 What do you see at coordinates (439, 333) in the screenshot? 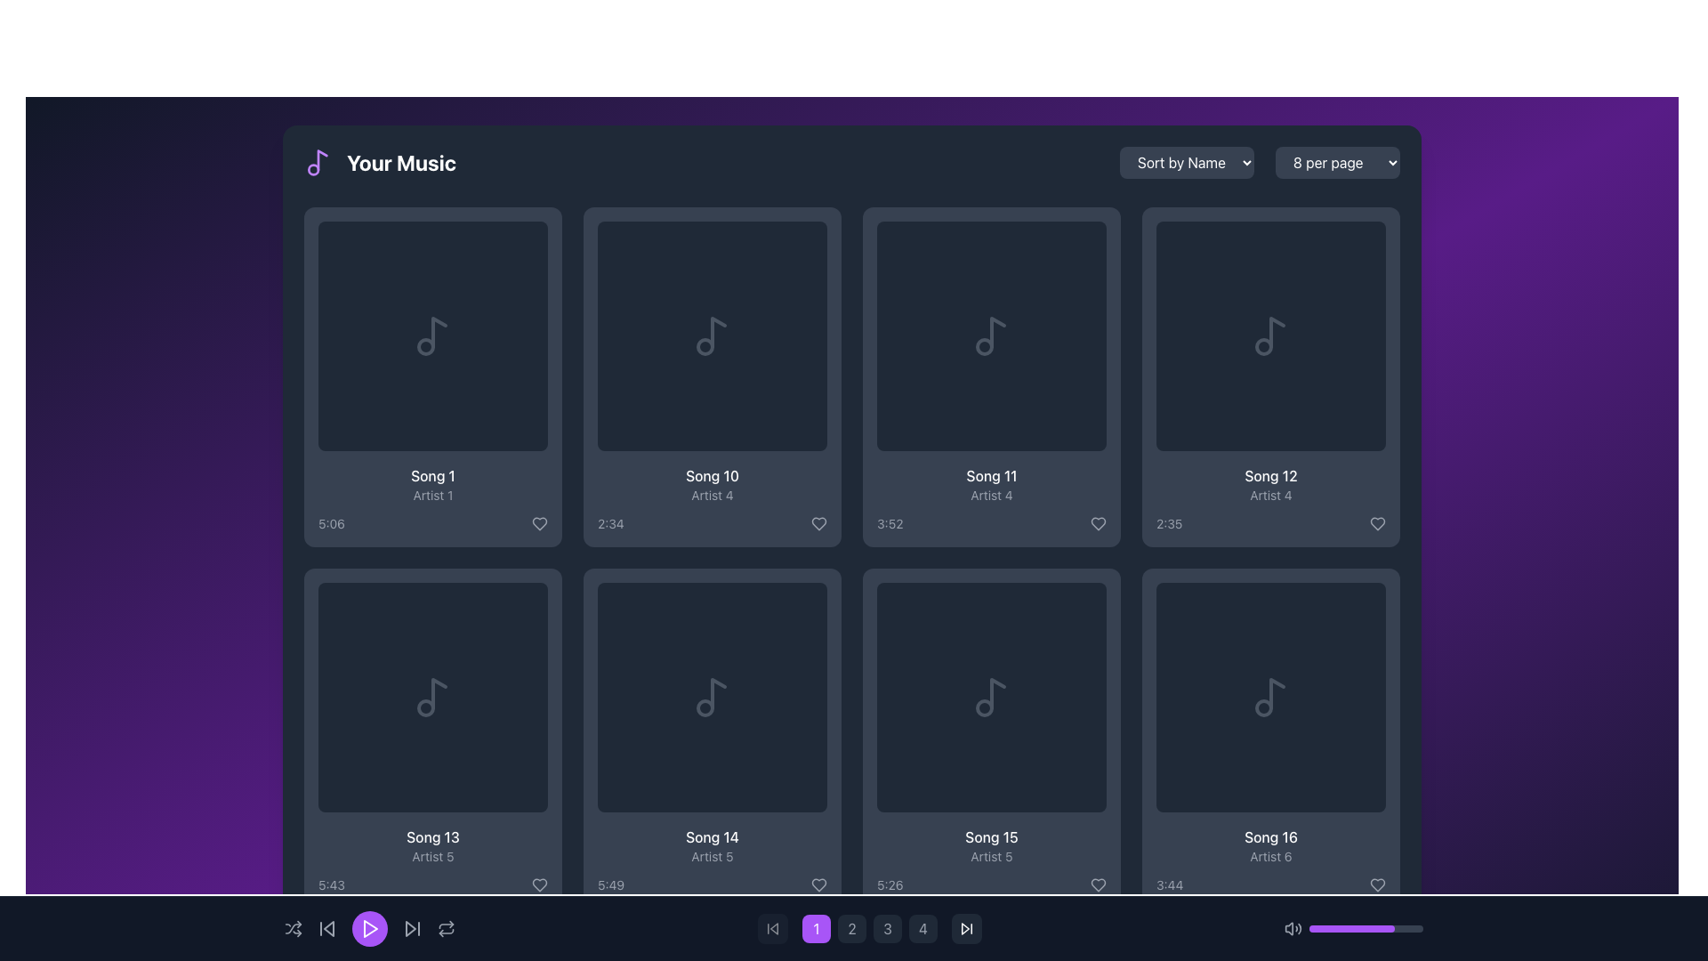
I see `the decorative SVG graphical element representing music notation, which is centrally placed within the first card of a grid displaying various songs` at bounding box center [439, 333].